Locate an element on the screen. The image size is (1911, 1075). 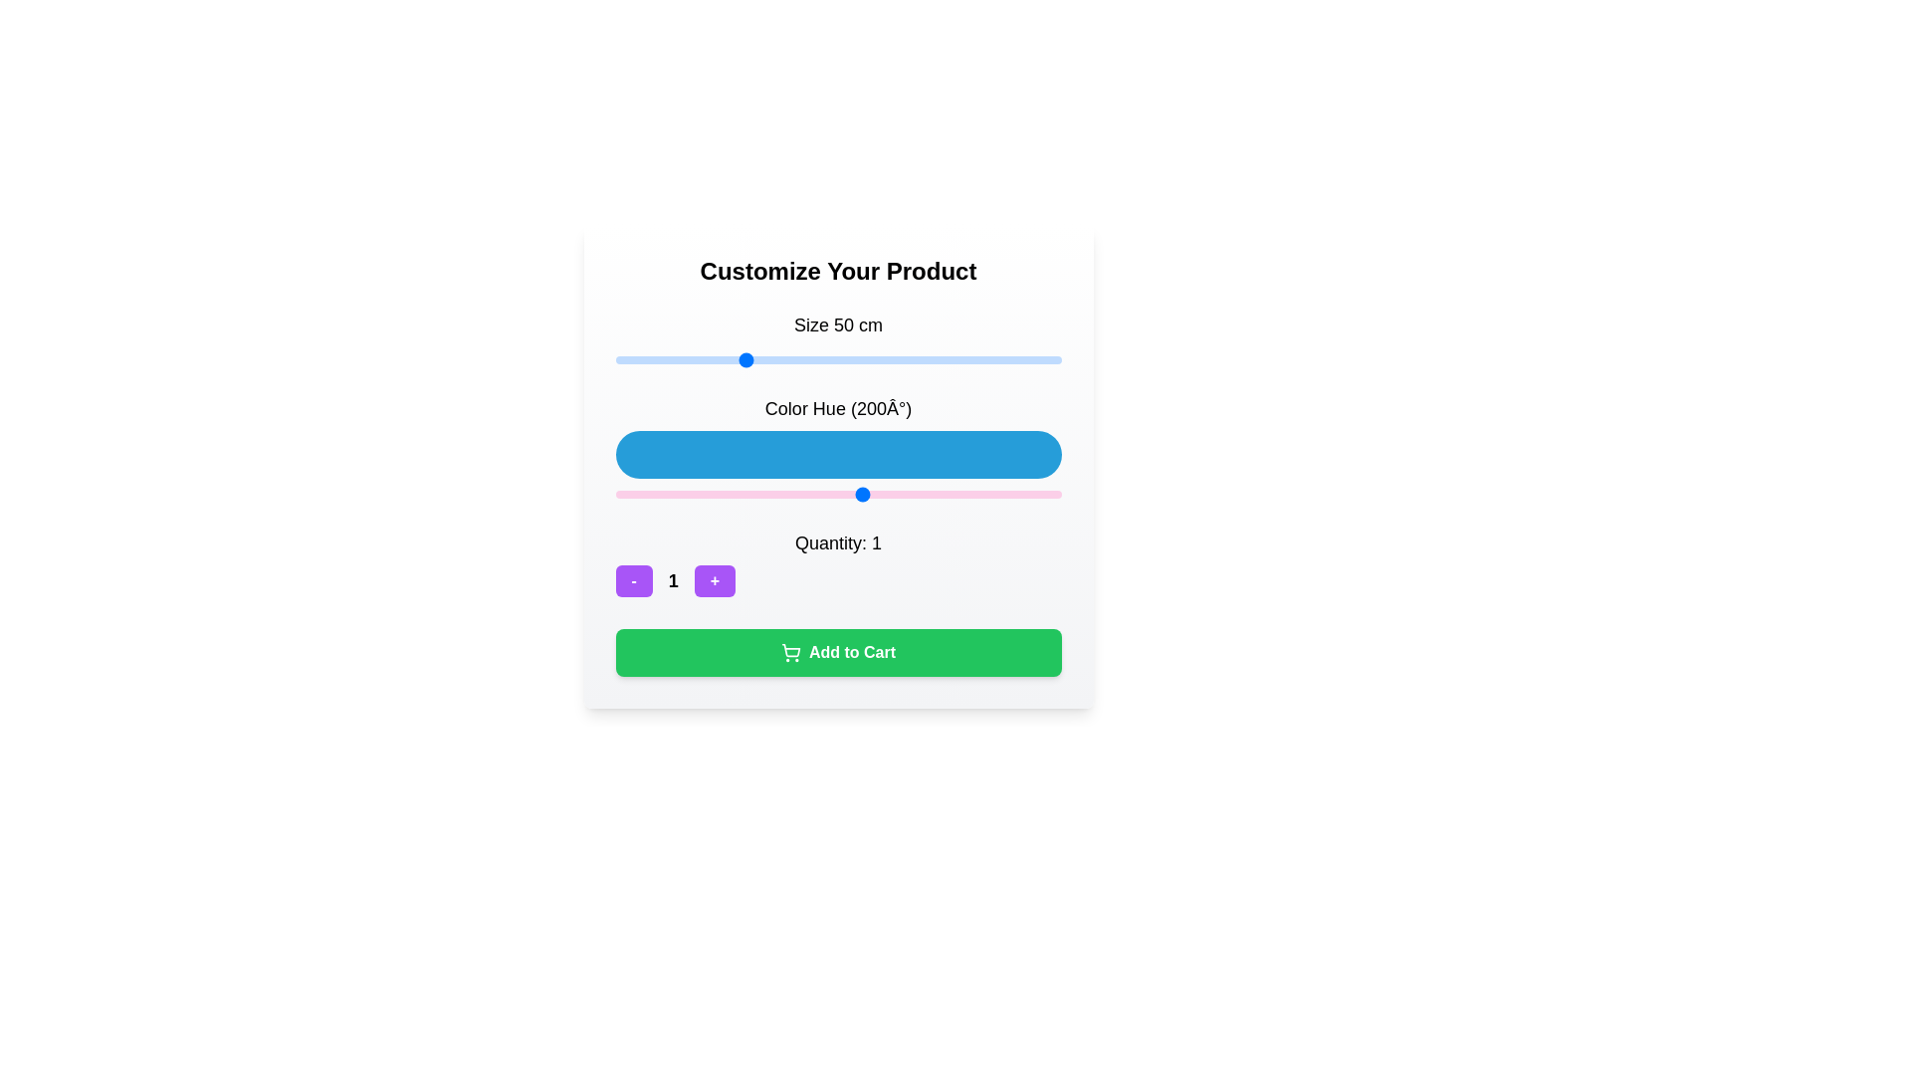
the blue handle of the color hue range slider, which is positioned below the 'Color Hue (200°)' label is located at coordinates (838, 494).